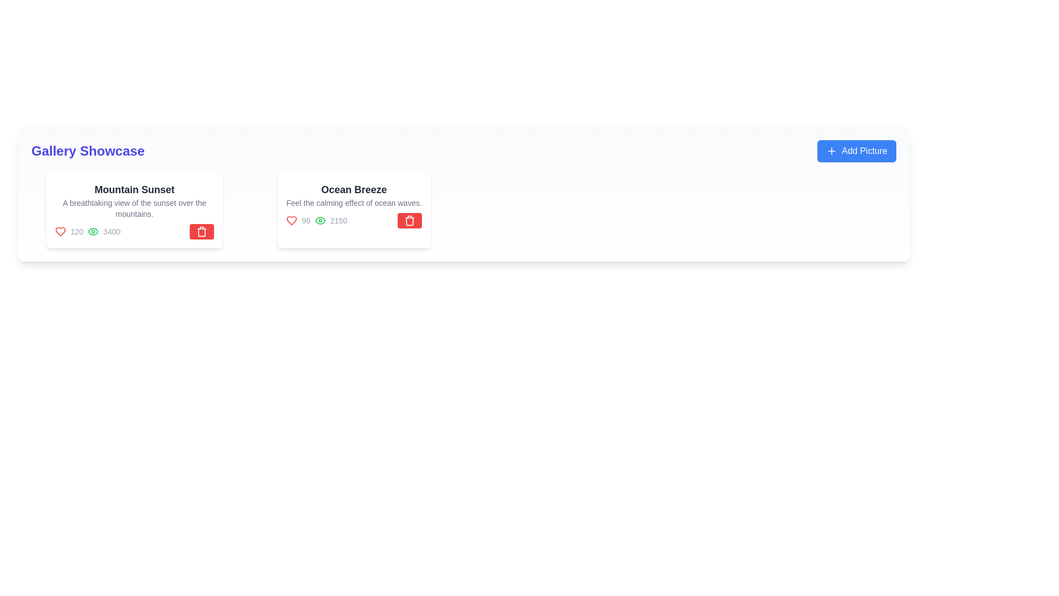 This screenshot has width=1059, height=596. What do you see at coordinates (60, 231) in the screenshot?
I see `the red heart icon representing a 'like' or 'favorite' interaction located at the bottom left corner of the 'Ocean Breeze' card component` at bounding box center [60, 231].